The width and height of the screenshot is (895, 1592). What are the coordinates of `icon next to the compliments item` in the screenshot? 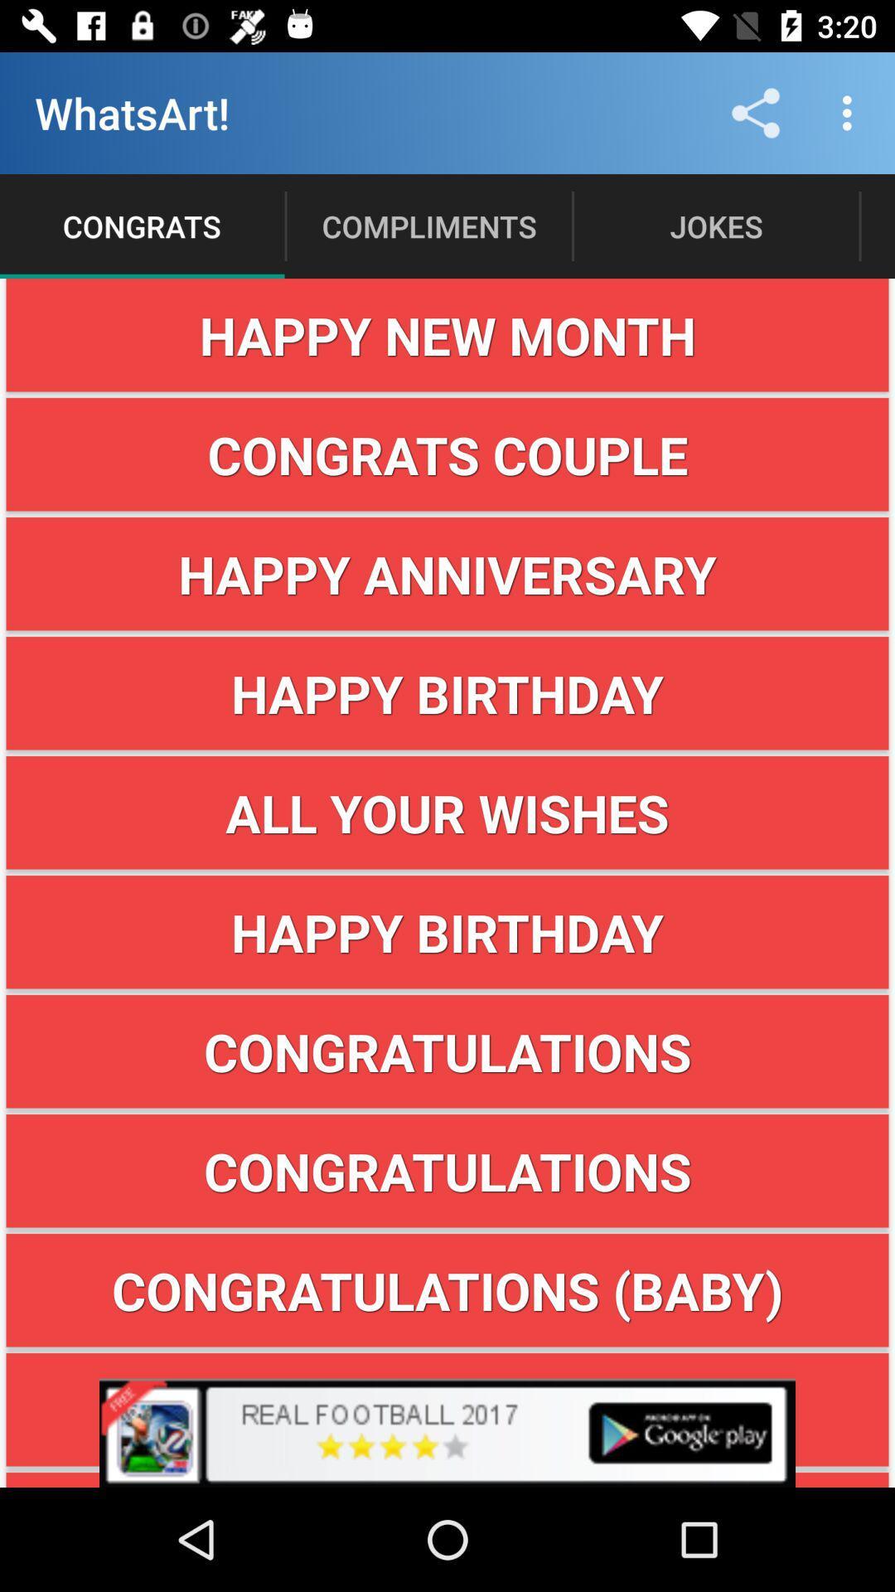 It's located at (755, 112).